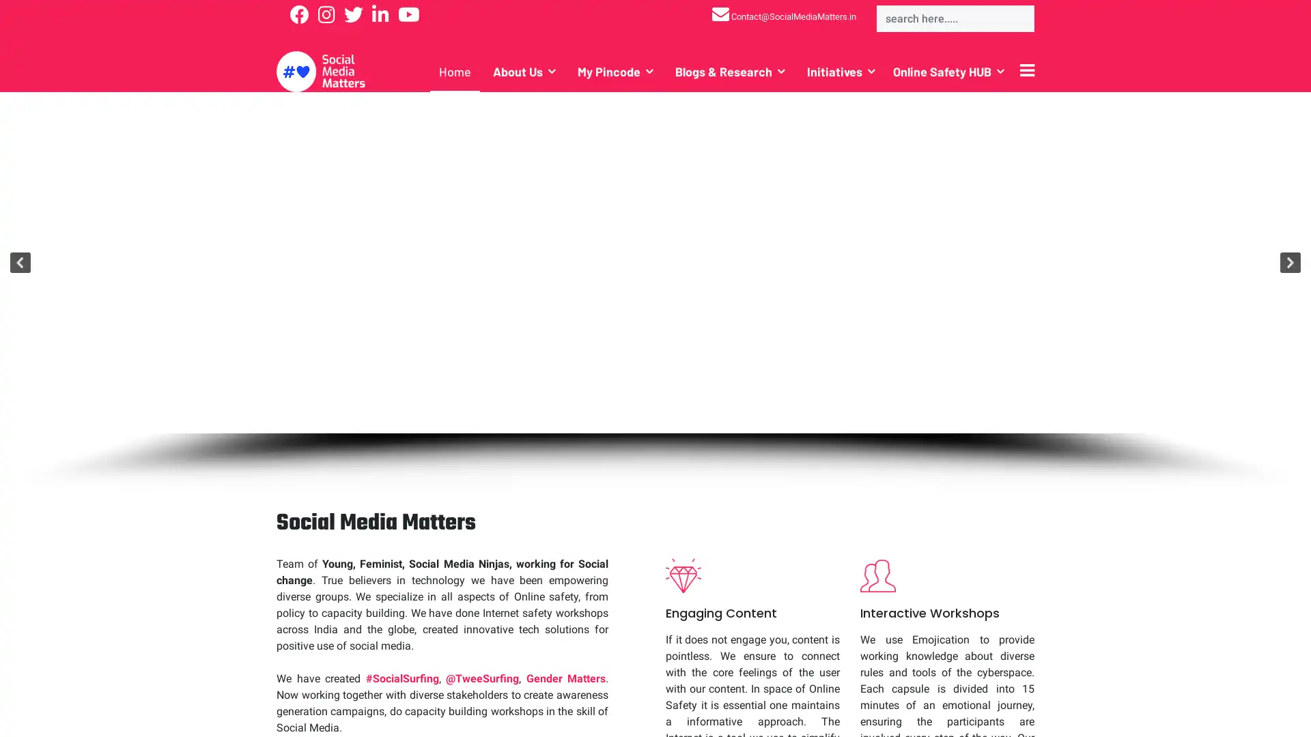  Describe the element at coordinates (20, 263) in the screenshot. I see `previous arrow` at that location.